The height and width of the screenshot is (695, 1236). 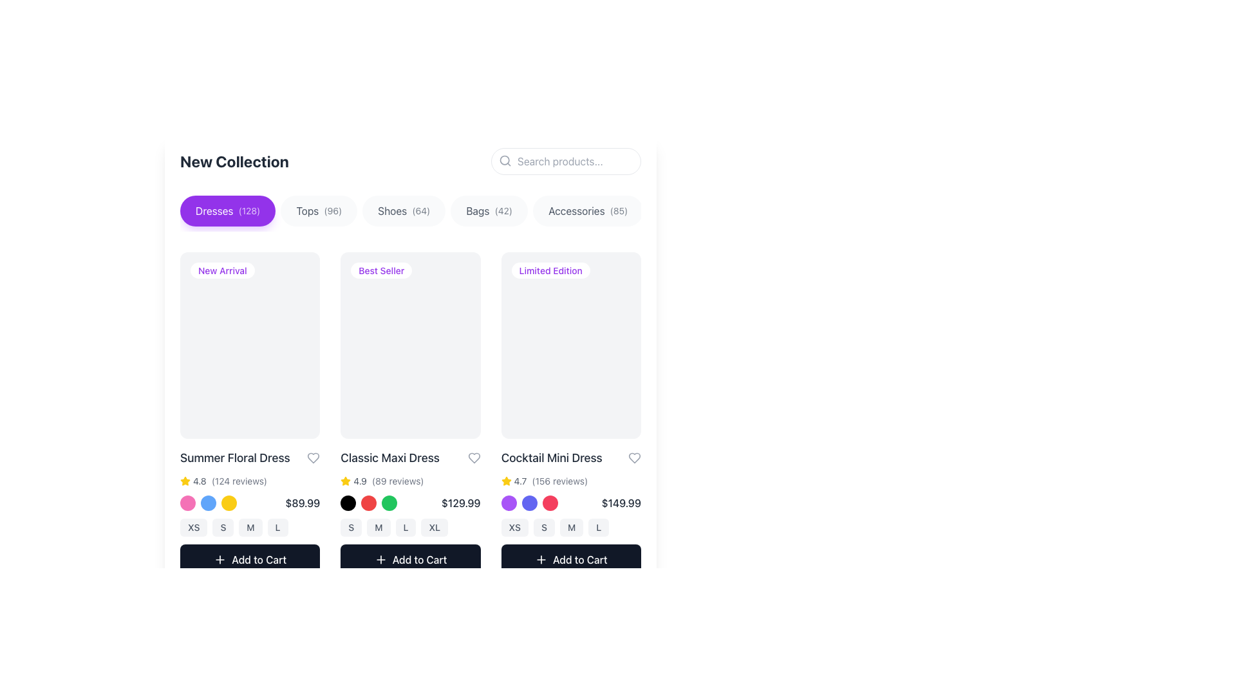 I want to click on the rounded rectangular button labeled 'Accessories(85)', so click(x=587, y=210).